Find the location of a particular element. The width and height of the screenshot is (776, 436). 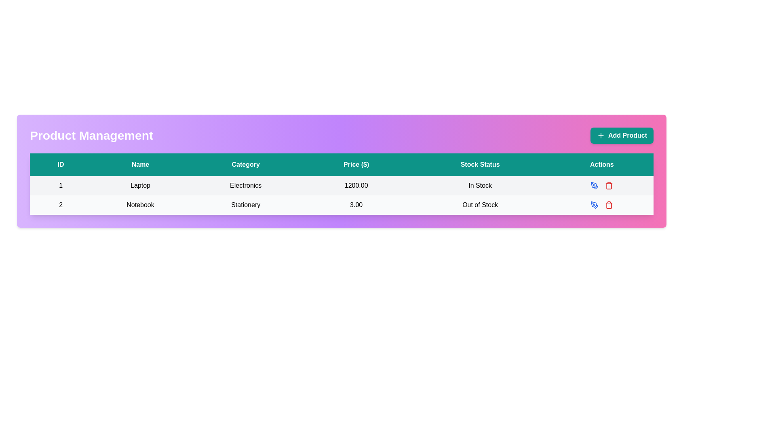

the Table Header Cell labeled 'ID', which is the first column header in the table under the 'Product Management' section is located at coordinates (60, 164).